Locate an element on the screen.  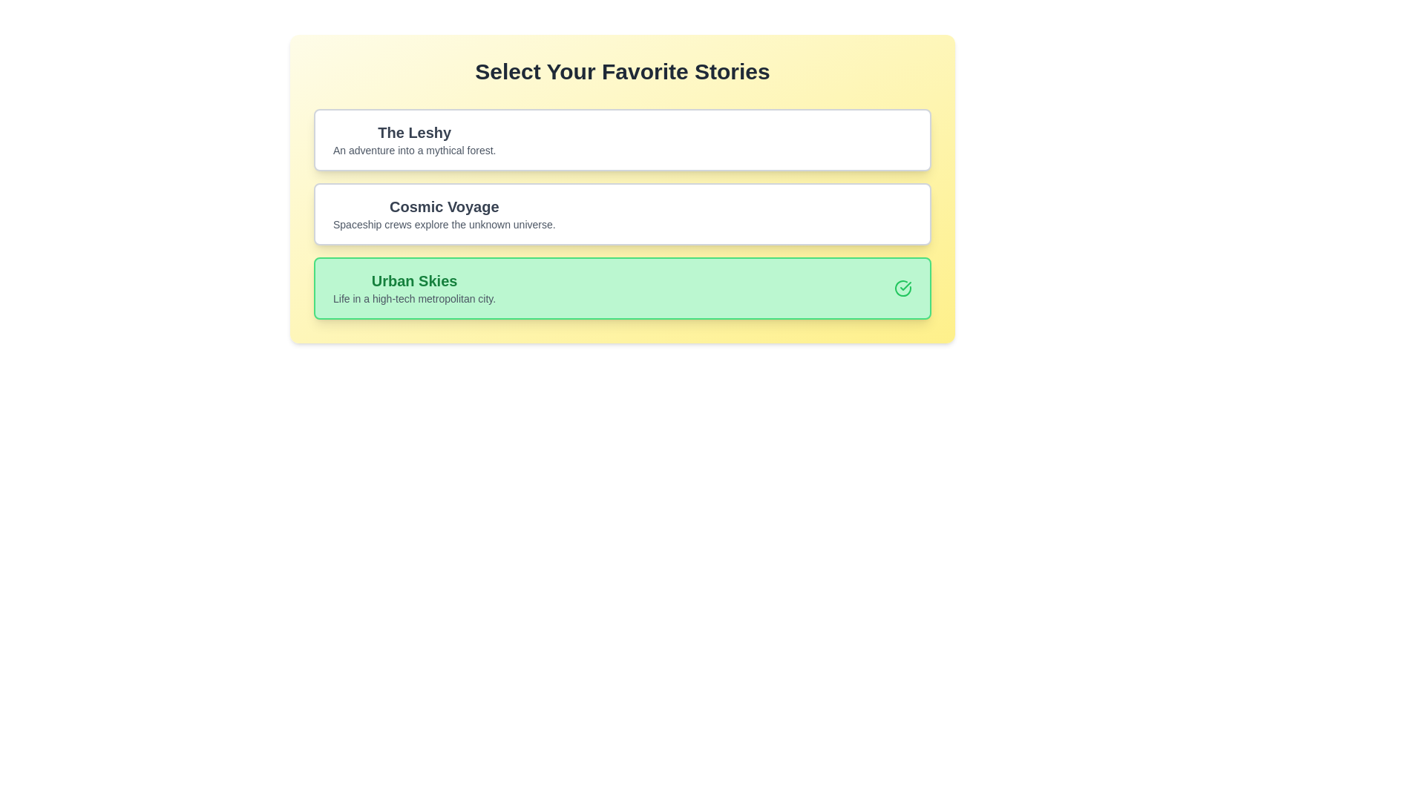
the list item corresponding to the story titled 'Urban Skies' to toggle its selection state is located at coordinates (623, 289).